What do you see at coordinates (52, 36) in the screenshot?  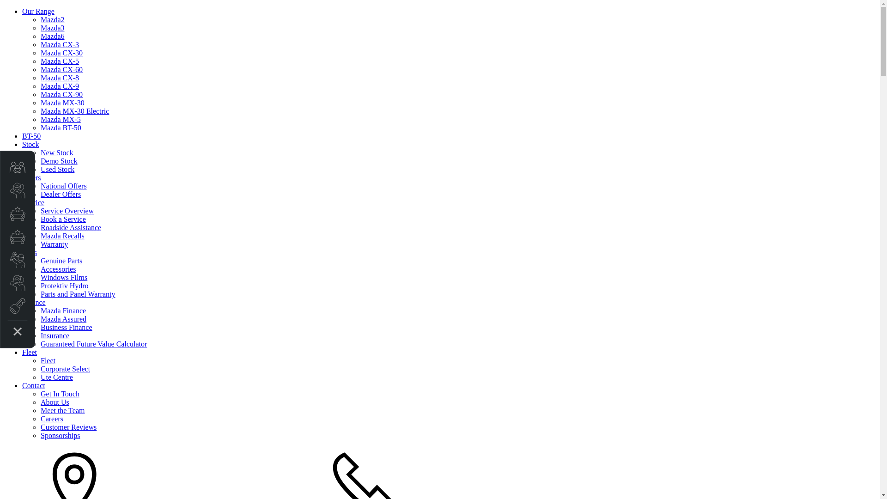 I see `'Mazda6'` at bounding box center [52, 36].